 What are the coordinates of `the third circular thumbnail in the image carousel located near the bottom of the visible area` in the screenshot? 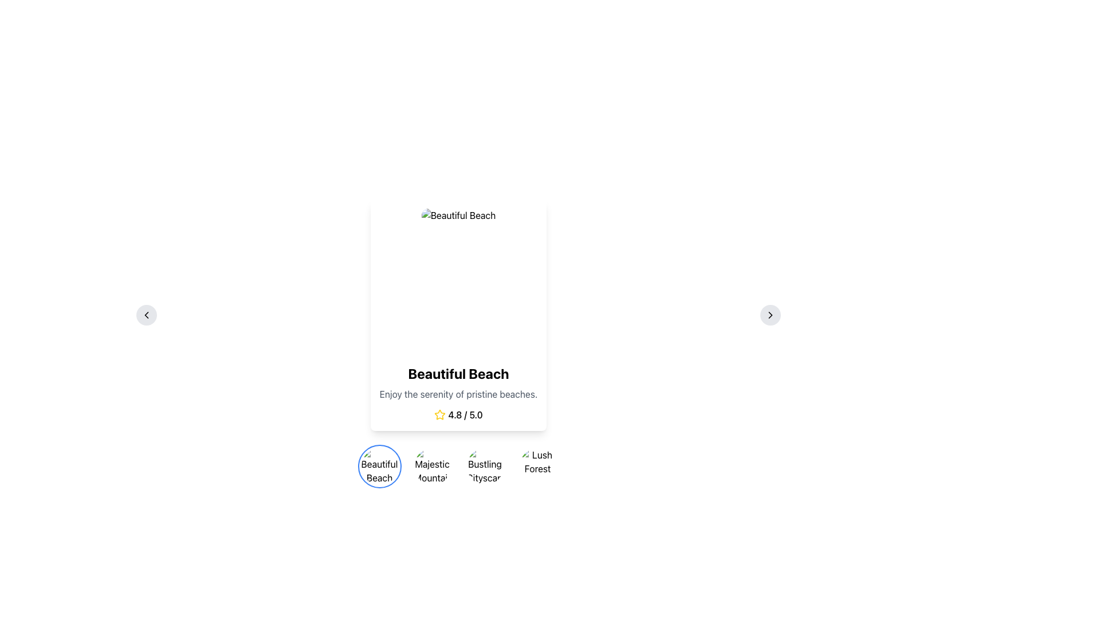 It's located at (458, 466).